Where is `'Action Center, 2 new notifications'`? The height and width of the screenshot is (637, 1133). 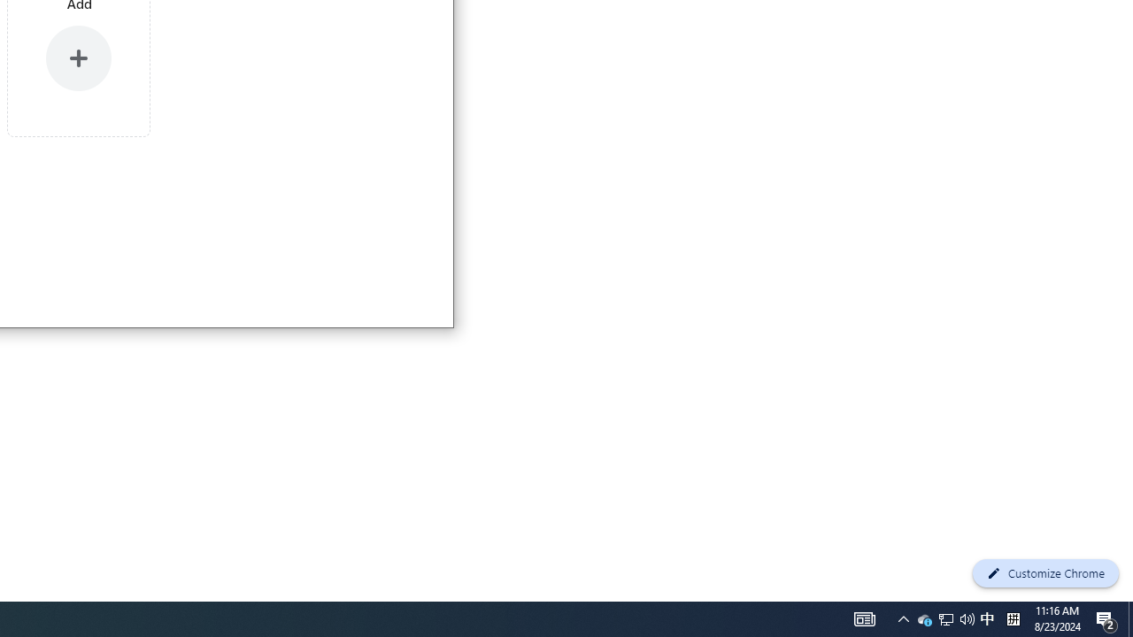 'Action Center, 2 new notifications' is located at coordinates (1106, 618).